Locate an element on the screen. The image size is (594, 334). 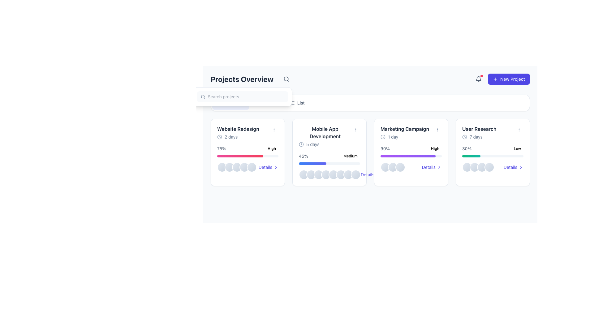
the decorative circular icon that indicates status within the 'Mobile App Development' card, which is the seventh icon in a row of eight is located at coordinates (348, 174).